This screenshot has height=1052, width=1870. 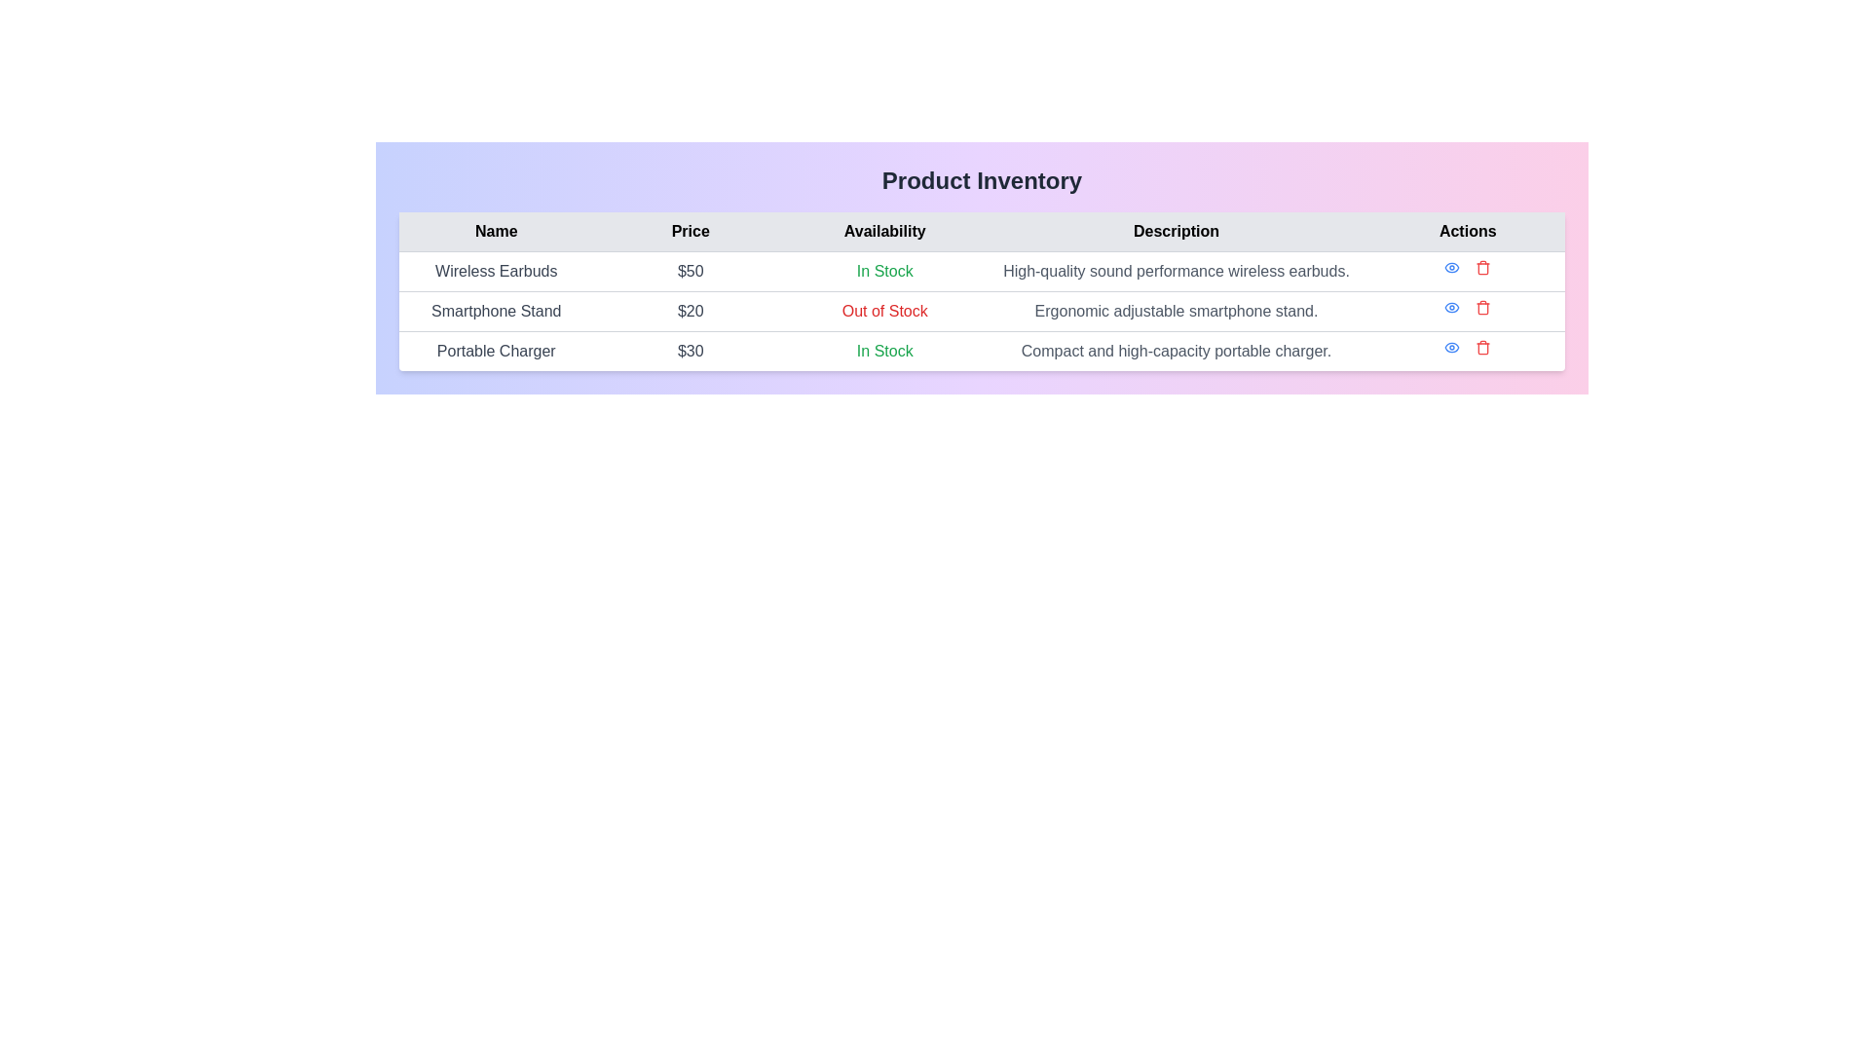 I want to click on the delete button in the 'Actions' column of the first row, adjacent to 'Wireless Earbuds', so click(x=1482, y=267).